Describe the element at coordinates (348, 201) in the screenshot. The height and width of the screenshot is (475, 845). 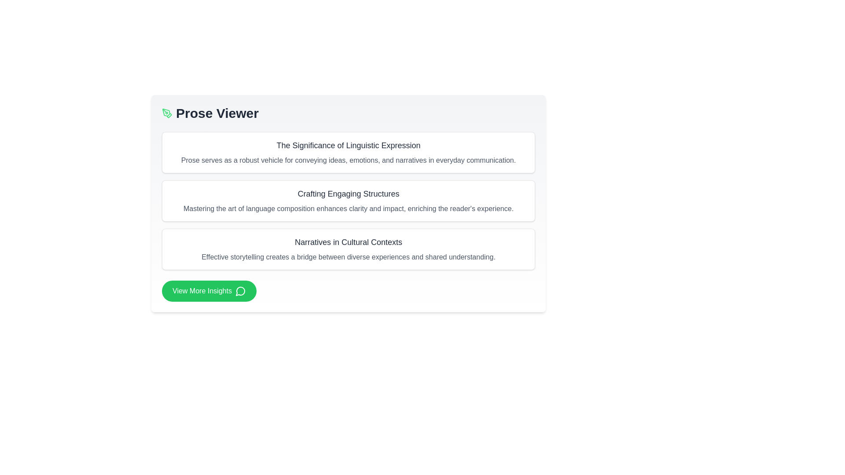
I see `text content of the Informational Card titled 'Crafting Engaging Structures', which is the second card in a vertical list of similar cards` at that location.